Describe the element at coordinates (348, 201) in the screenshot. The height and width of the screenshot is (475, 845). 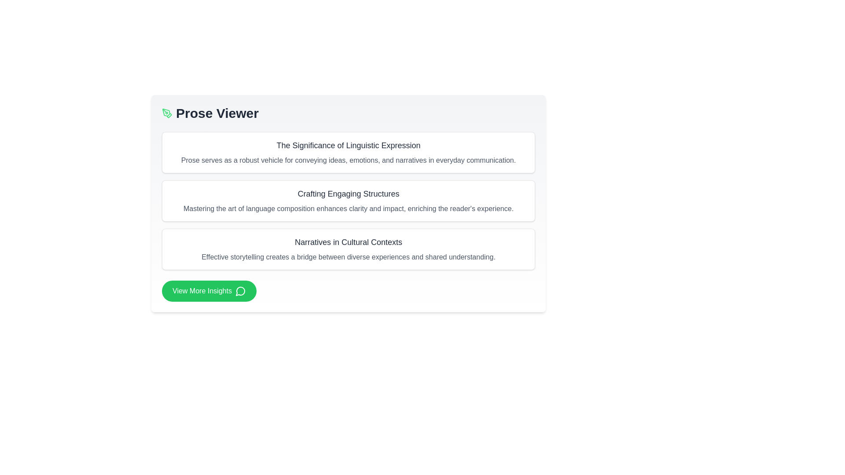
I see `text content of the Informational Card titled 'Crafting Engaging Structures', which is the second card in a vertical list of similar cards` at that location.